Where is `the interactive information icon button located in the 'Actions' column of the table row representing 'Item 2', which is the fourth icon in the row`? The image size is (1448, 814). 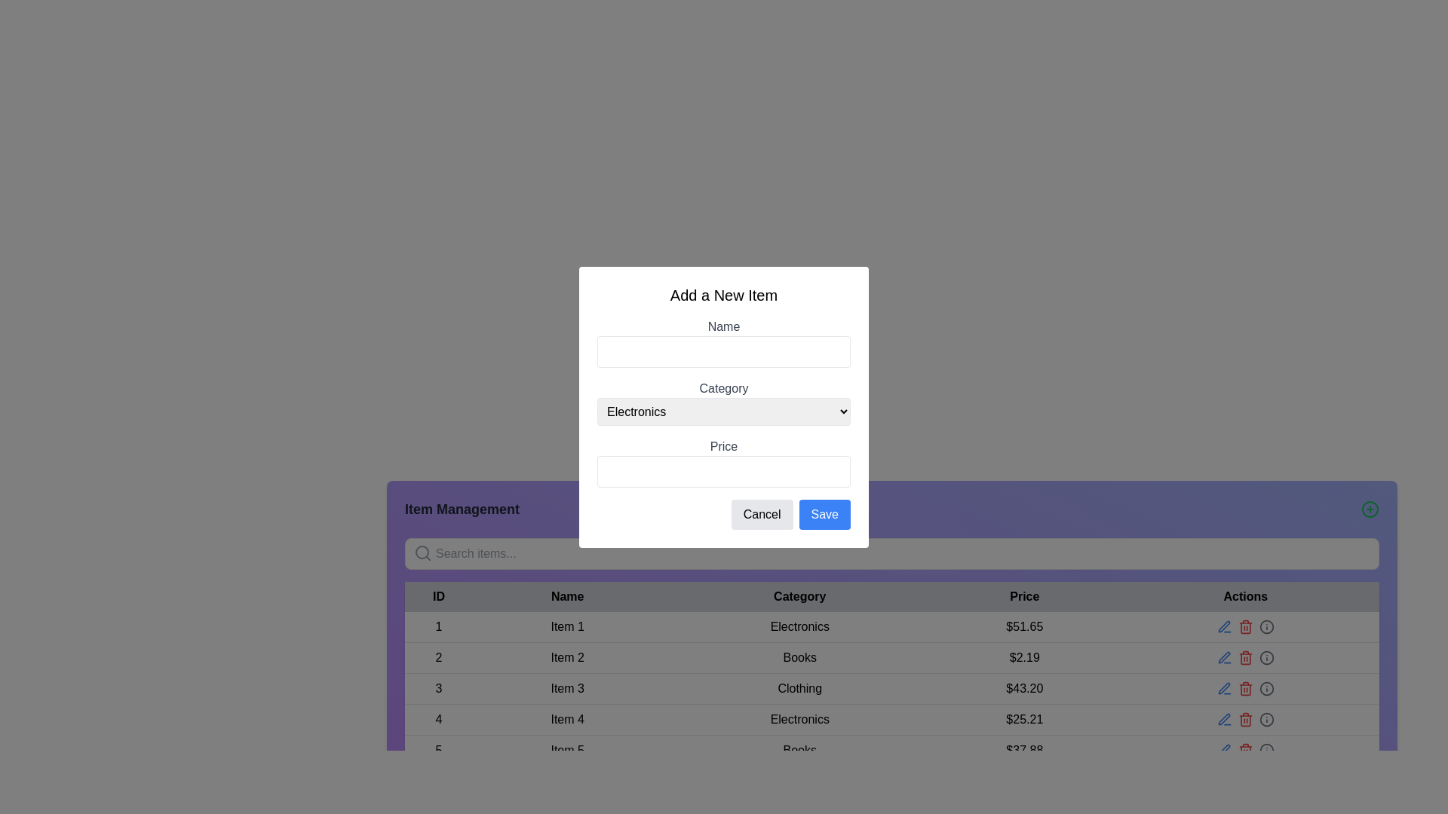 the interactive information icon button located in the 'Actions' column of the table row representing 'Item 2', which is the fourth icon in the row is located at coordinates (1266, 656).